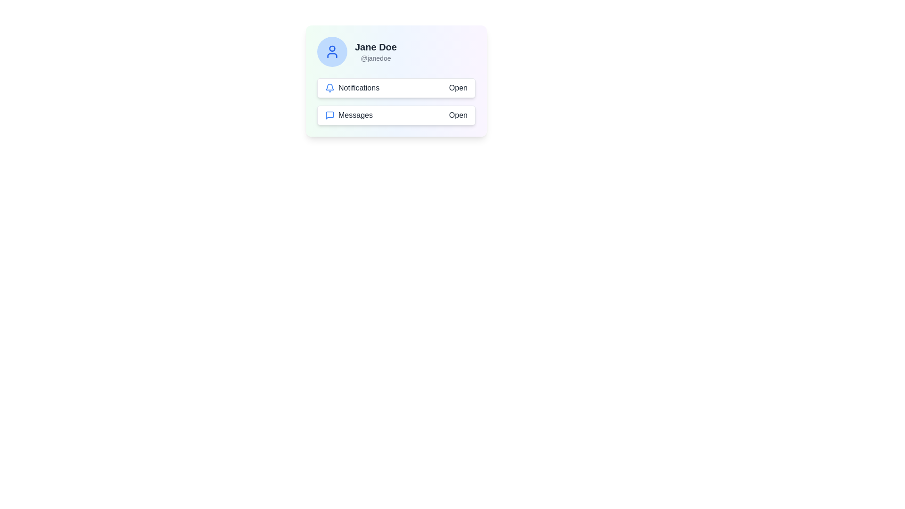  What do you see at coordinates (375, 47) in the screenshot?
I see `content displayed in the text label showing 'Jane Doe', which is located above the username '@janedoe' in the profile card section` at bounding box center [375, 47].